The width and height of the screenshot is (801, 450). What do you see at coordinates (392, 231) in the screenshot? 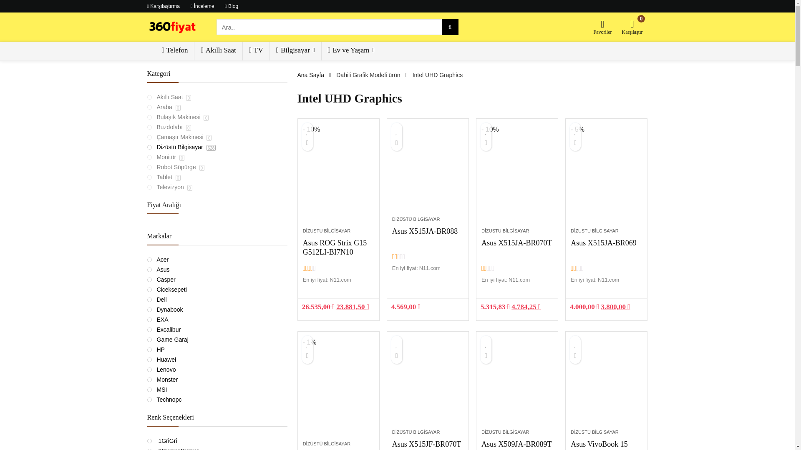
I see `'Asus X515JA-BR088'` at bounding box center [392, 231].